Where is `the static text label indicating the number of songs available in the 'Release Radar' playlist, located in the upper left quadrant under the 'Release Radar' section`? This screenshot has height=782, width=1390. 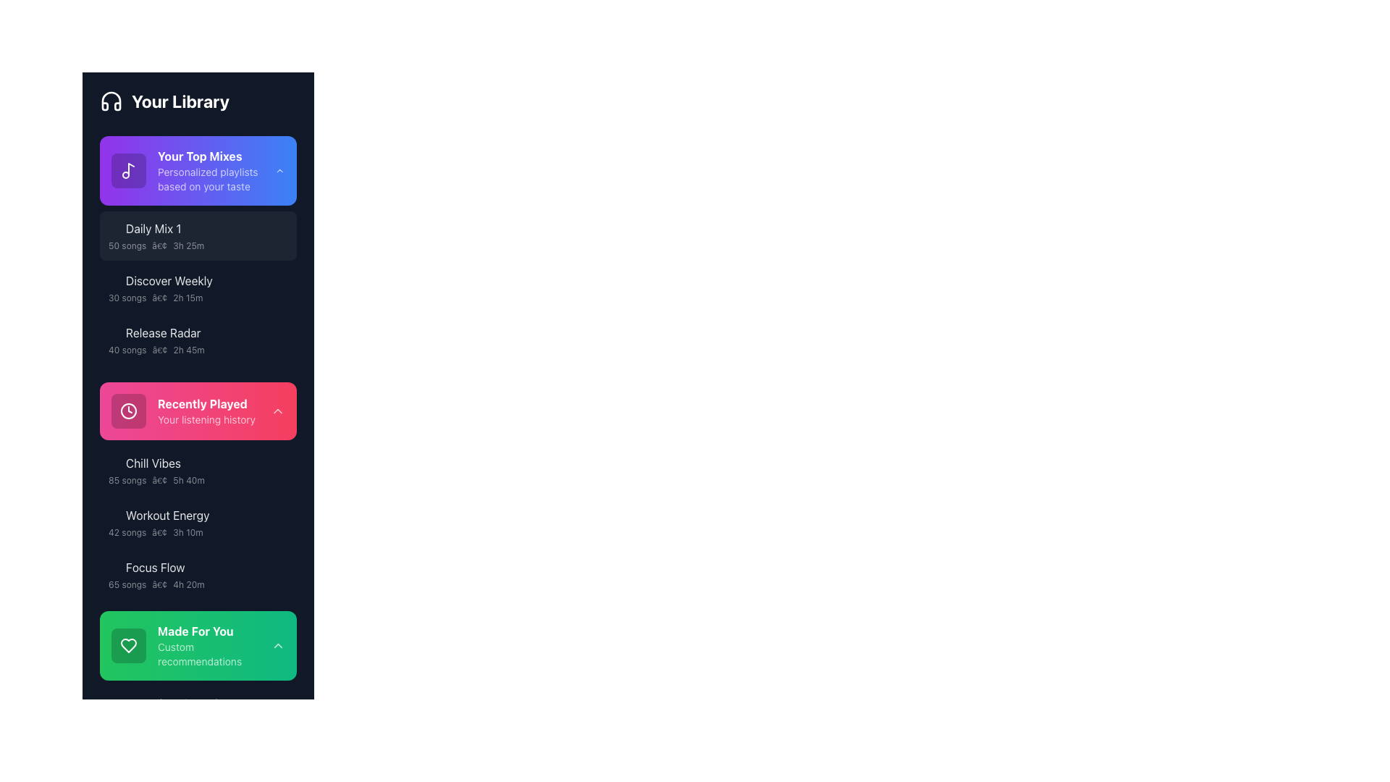
the static text label indicating the number of songs available in the 'Release Radar' playlist, located in the upper left quadrant under the 'Release Radar' section is located at coordinates (127, 350).